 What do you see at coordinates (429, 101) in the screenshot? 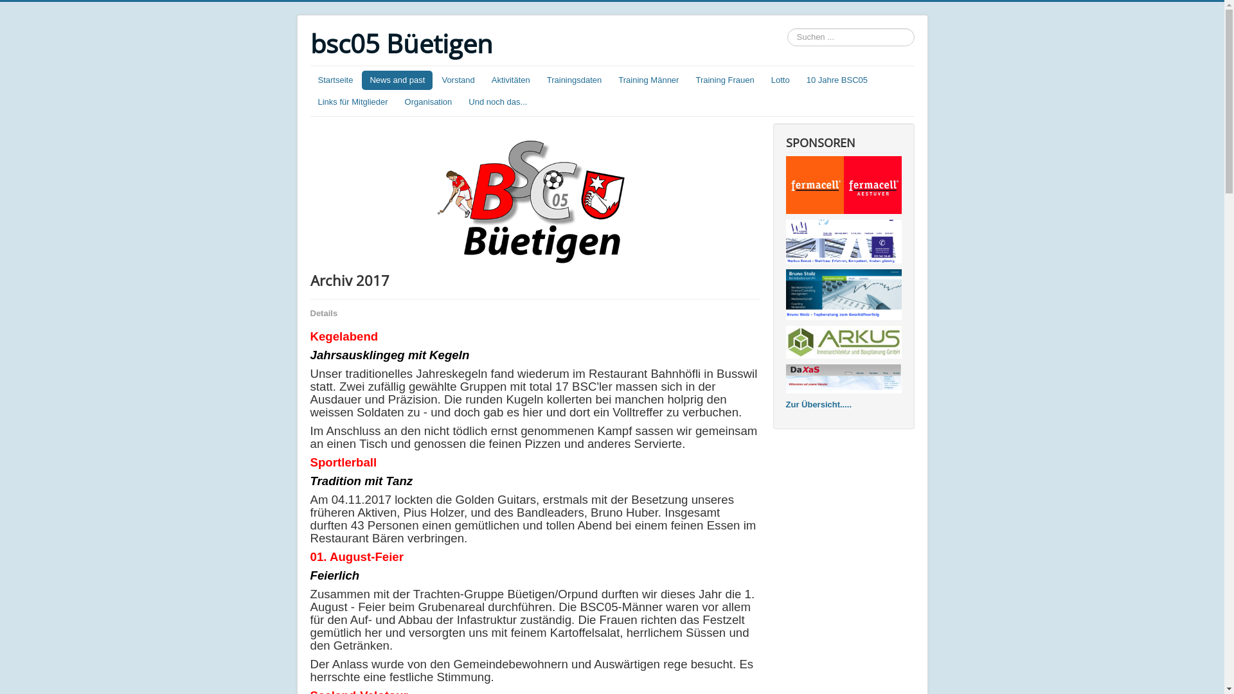
I see `'Organisation'` at bounding box center [429, 101].